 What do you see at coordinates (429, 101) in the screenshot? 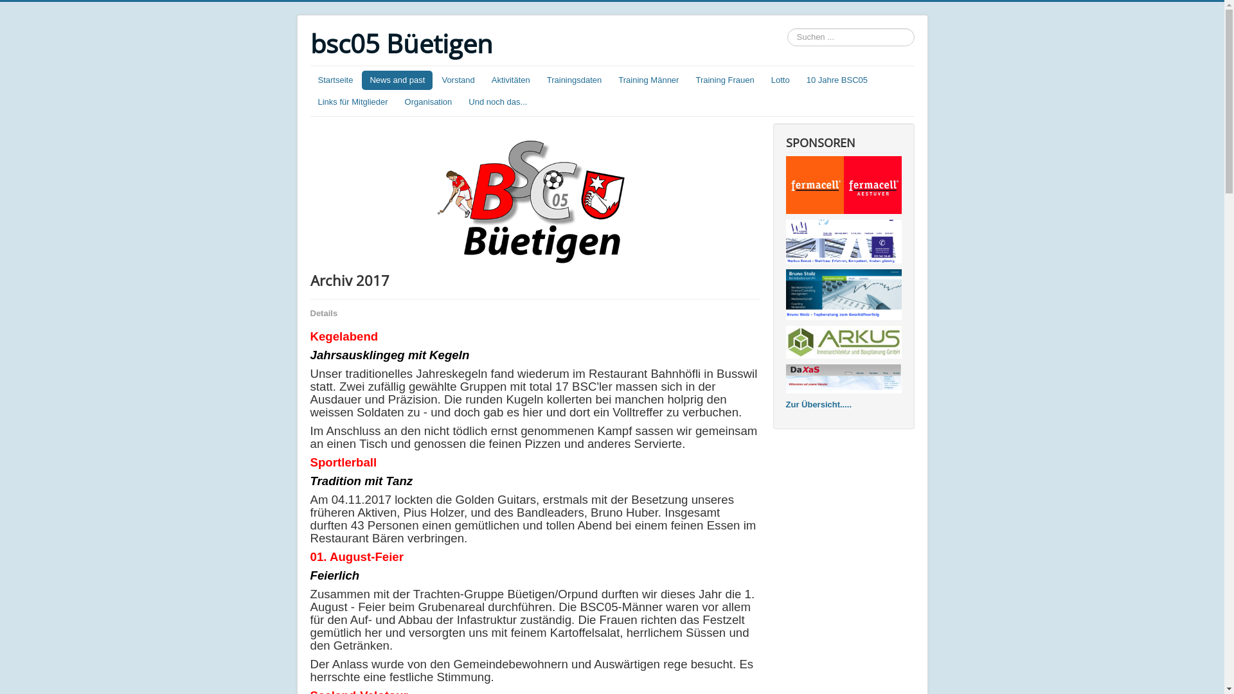
I see `'Organisation'` at bounding box center [429, 101].